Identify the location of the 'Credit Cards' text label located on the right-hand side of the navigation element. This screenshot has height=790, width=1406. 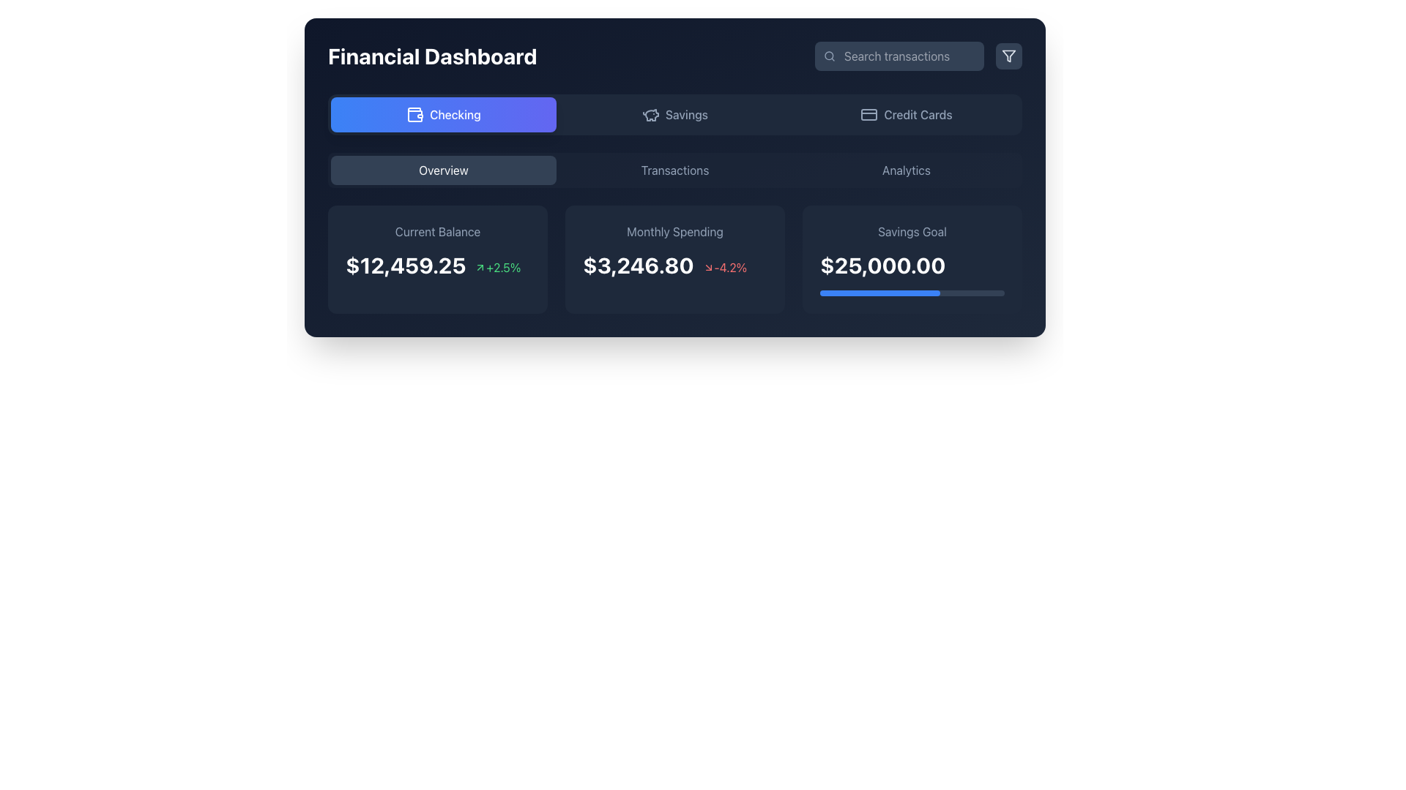
(917, 114).